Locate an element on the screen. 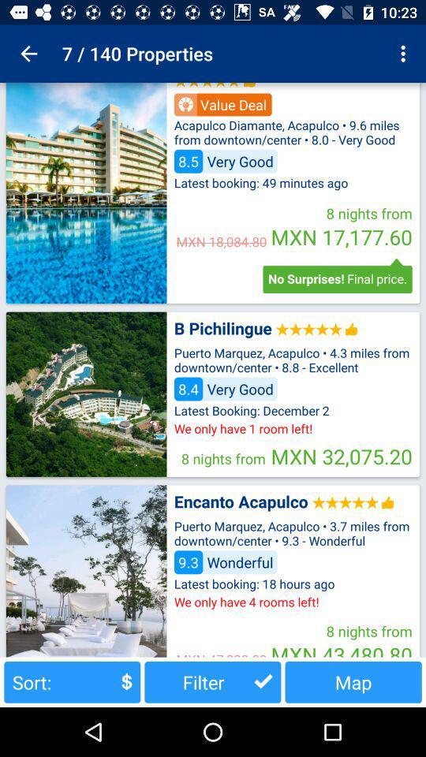  click in the image is located at coordinates (86, 393).